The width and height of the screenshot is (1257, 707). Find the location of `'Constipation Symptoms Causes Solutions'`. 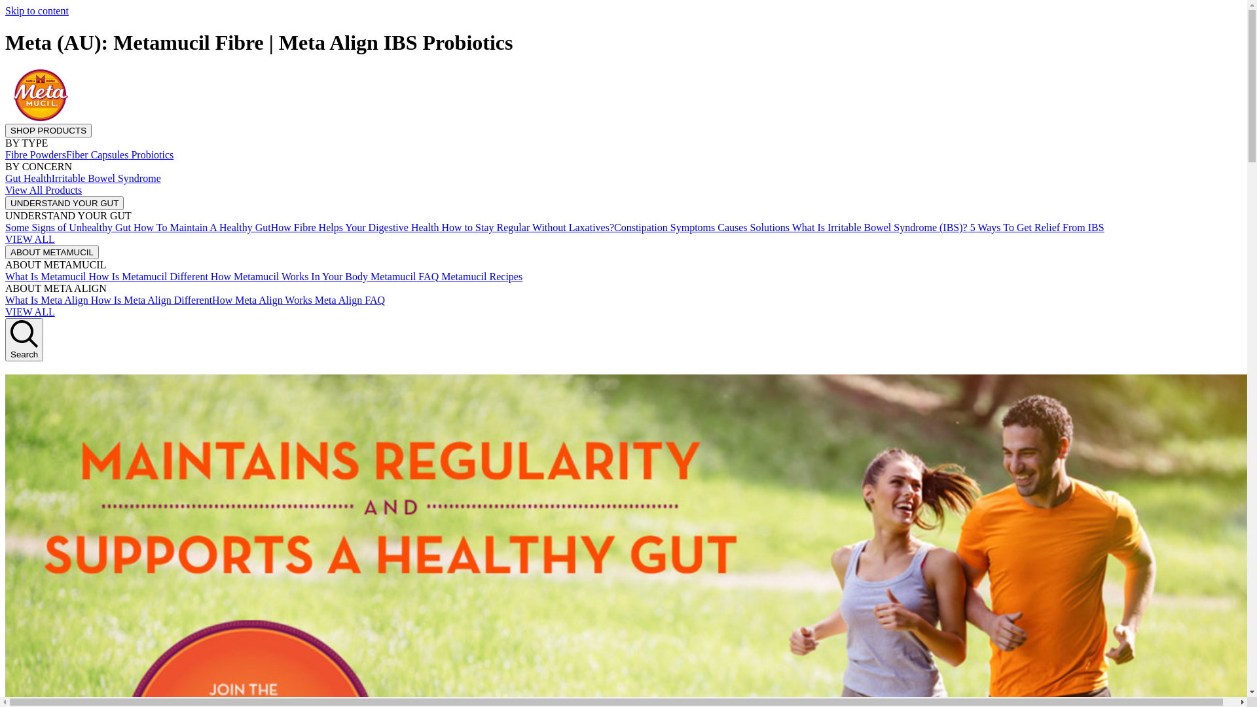

'Constipation Symptoms Causes Solutions' is located at coordinates (613, 227).